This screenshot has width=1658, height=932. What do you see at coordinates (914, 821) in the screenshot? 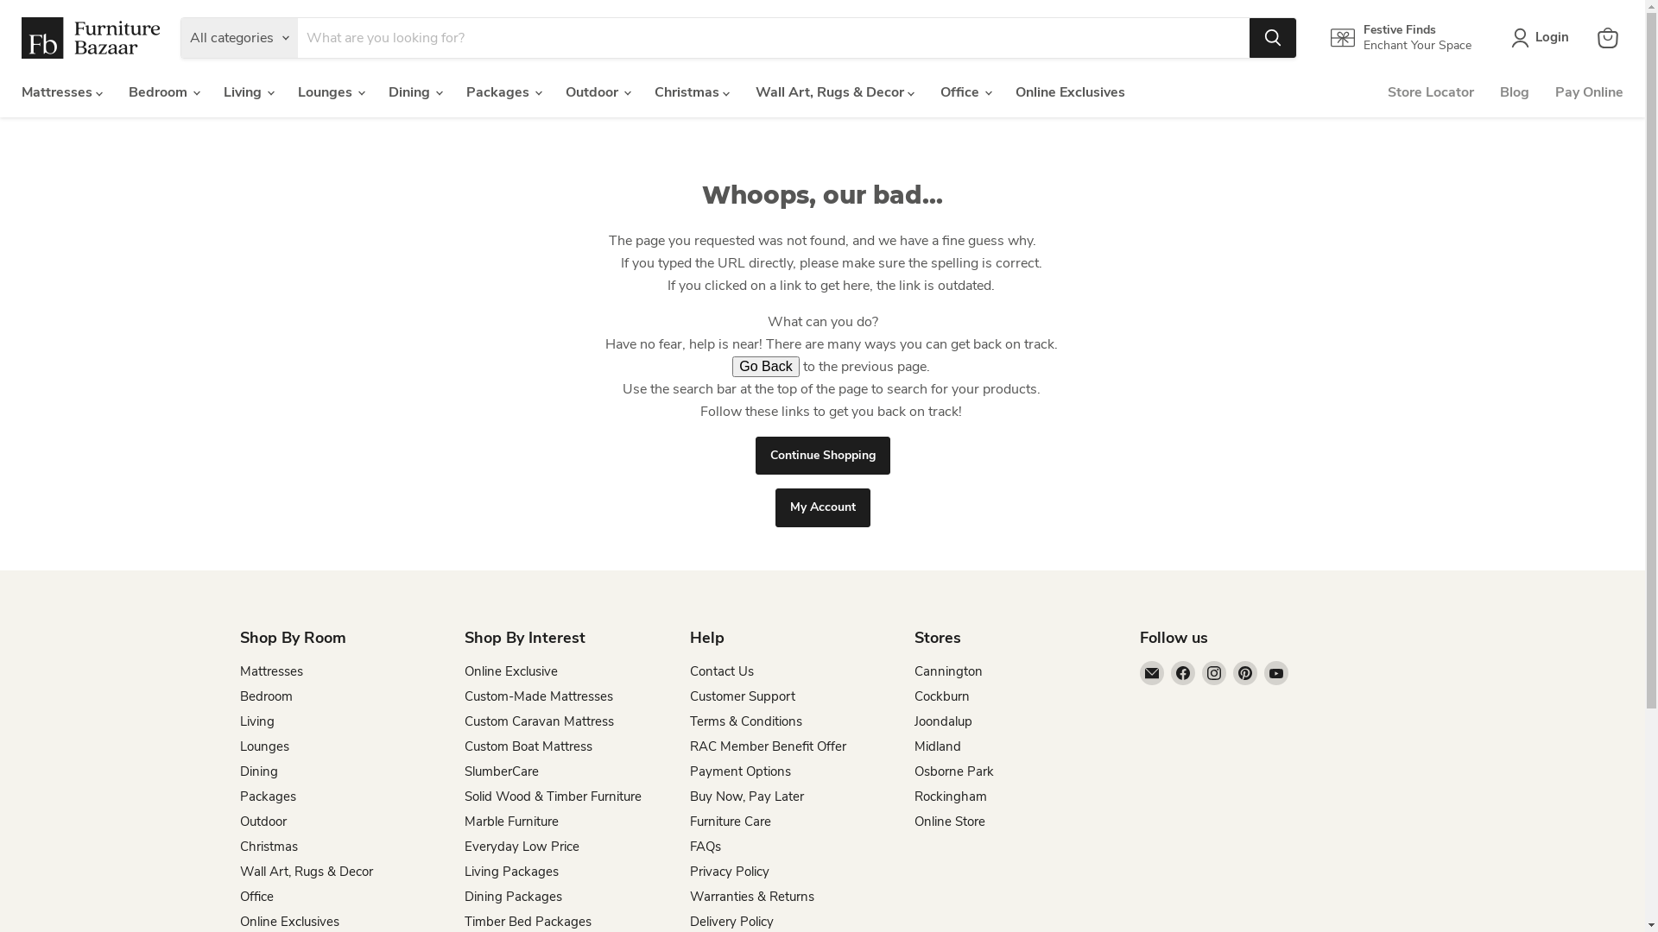
I see `'Online Store'` at bounding box center [914, 821].